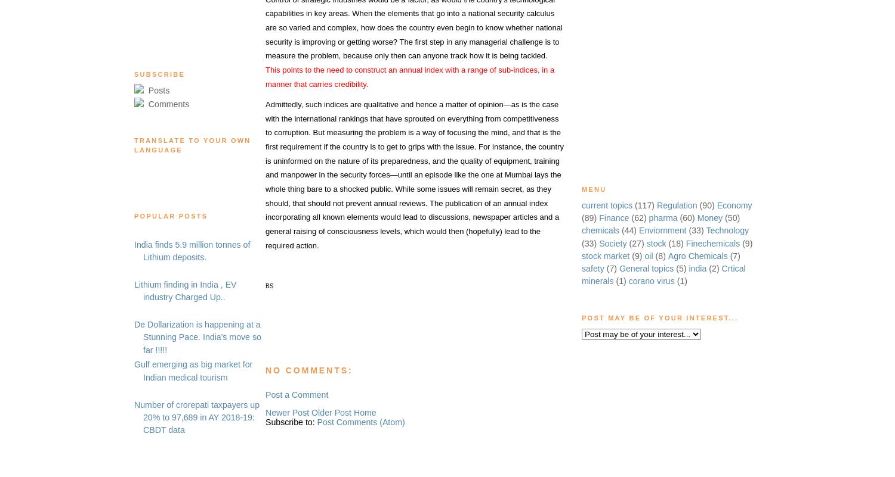 This screenshot has width=895, height=477. What do you see at coordinates (712, 242) in the screenshot?
I see `'Finechemicals'` at bounding box center [712, 242].